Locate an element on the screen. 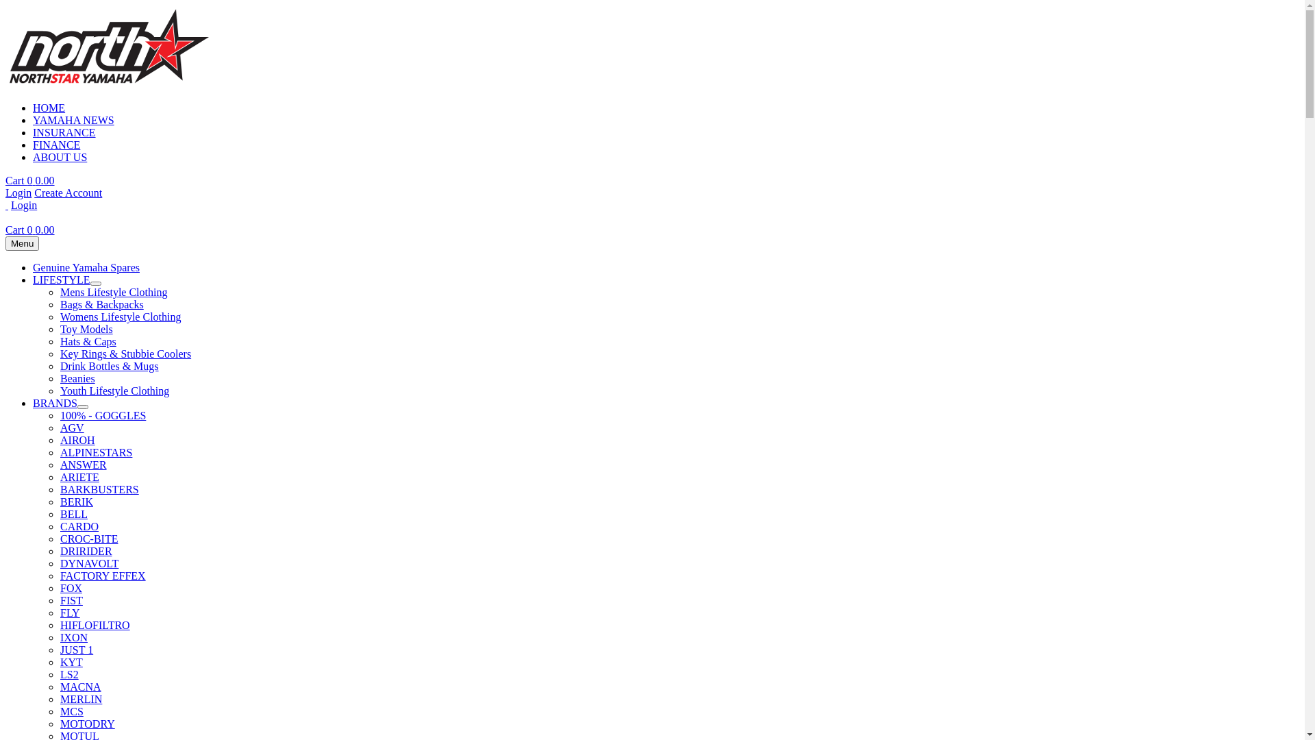  'Mens Lifestyle Clothing' is located at coordinates (114, 291).